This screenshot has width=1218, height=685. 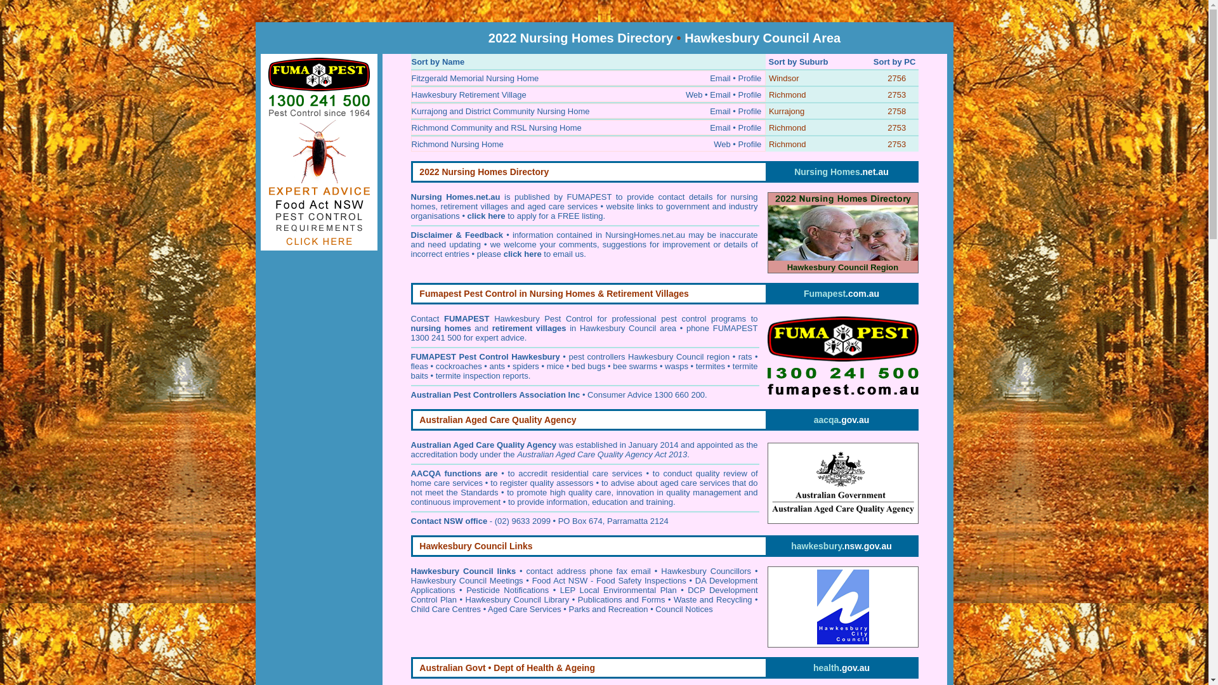 What do you see at coordinates (481, 375) in the screenshot?
I see `'termite inspection reports'` at bounding box center [481, 375].